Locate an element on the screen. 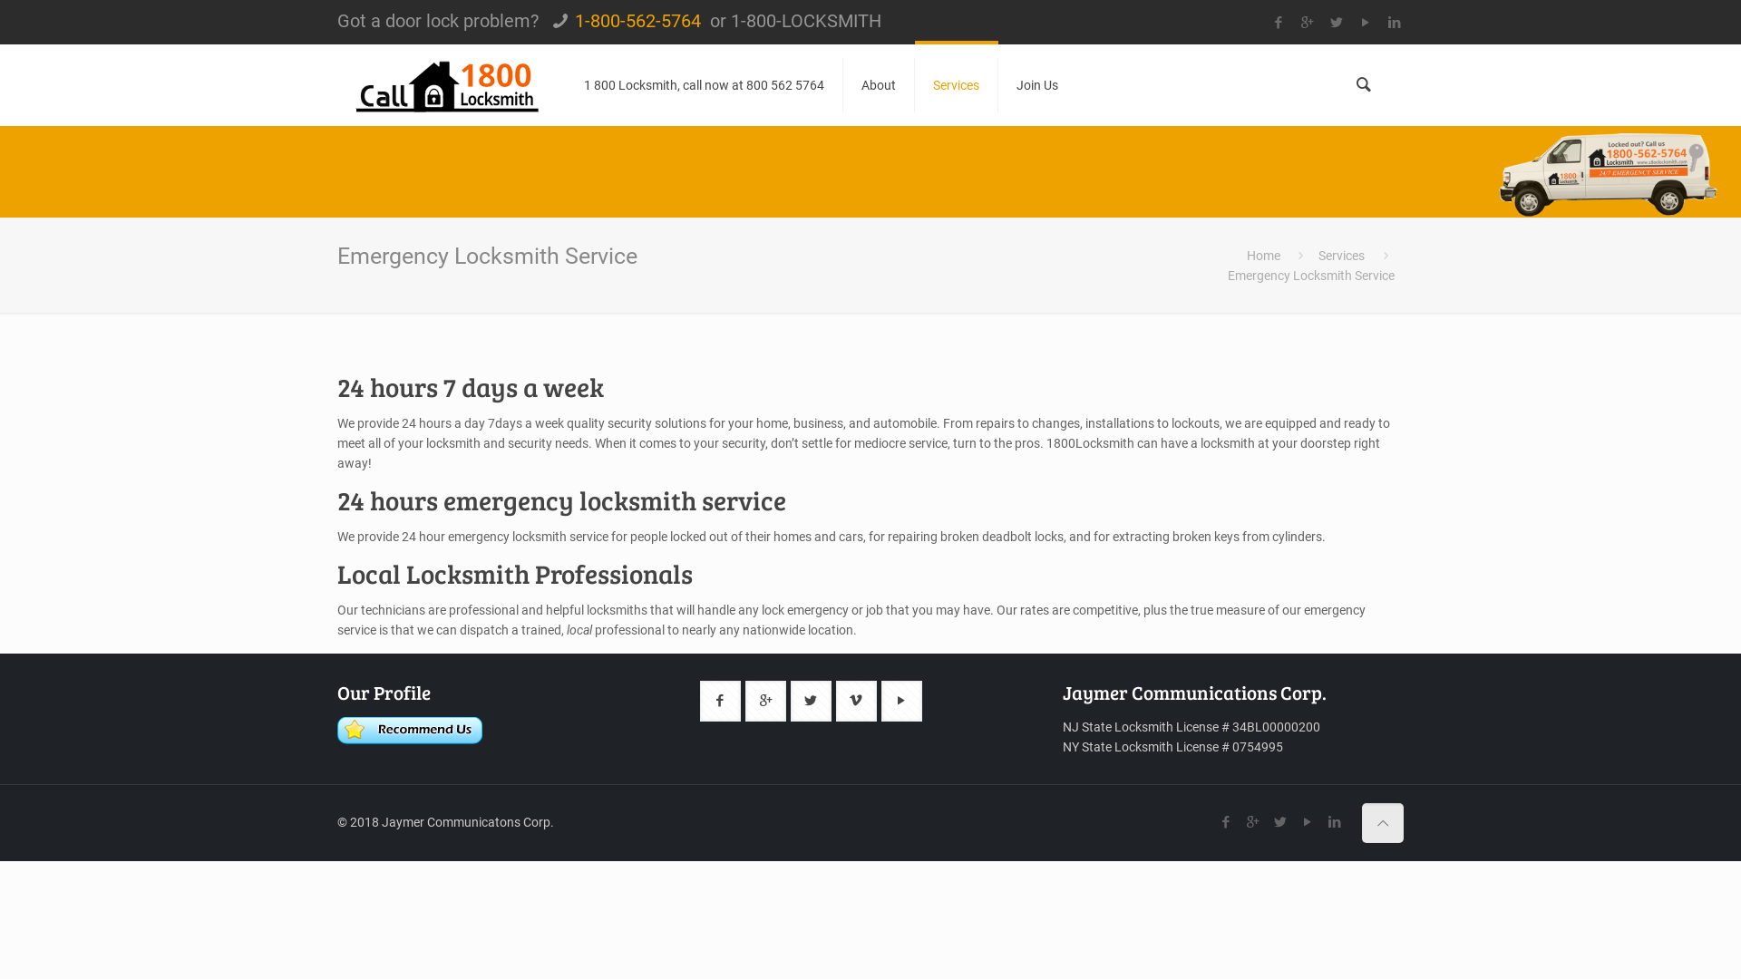 This screenshot has width=1741, height=979. 'Facebook' is located at coordinates (1225, 821).